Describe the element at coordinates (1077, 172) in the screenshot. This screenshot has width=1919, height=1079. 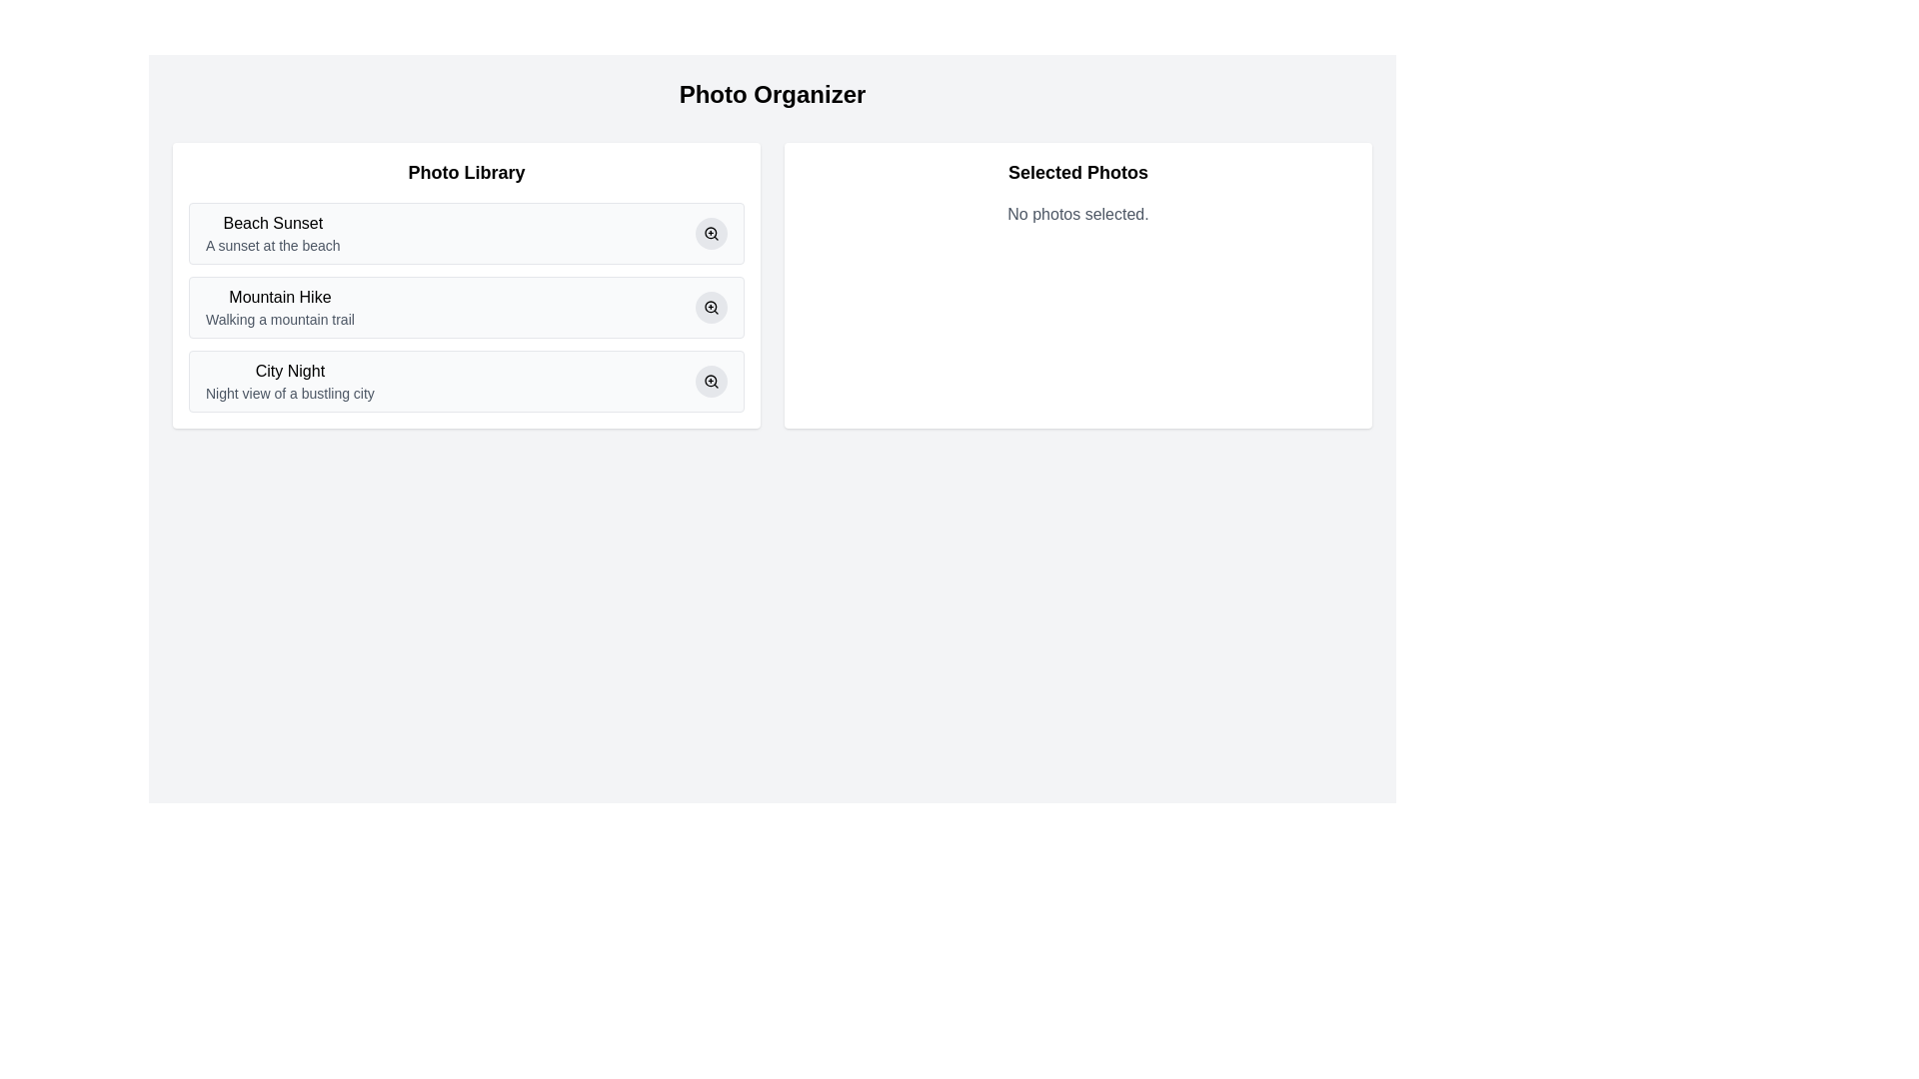
I see `the Text label that indicates the section dedicated` at that location.